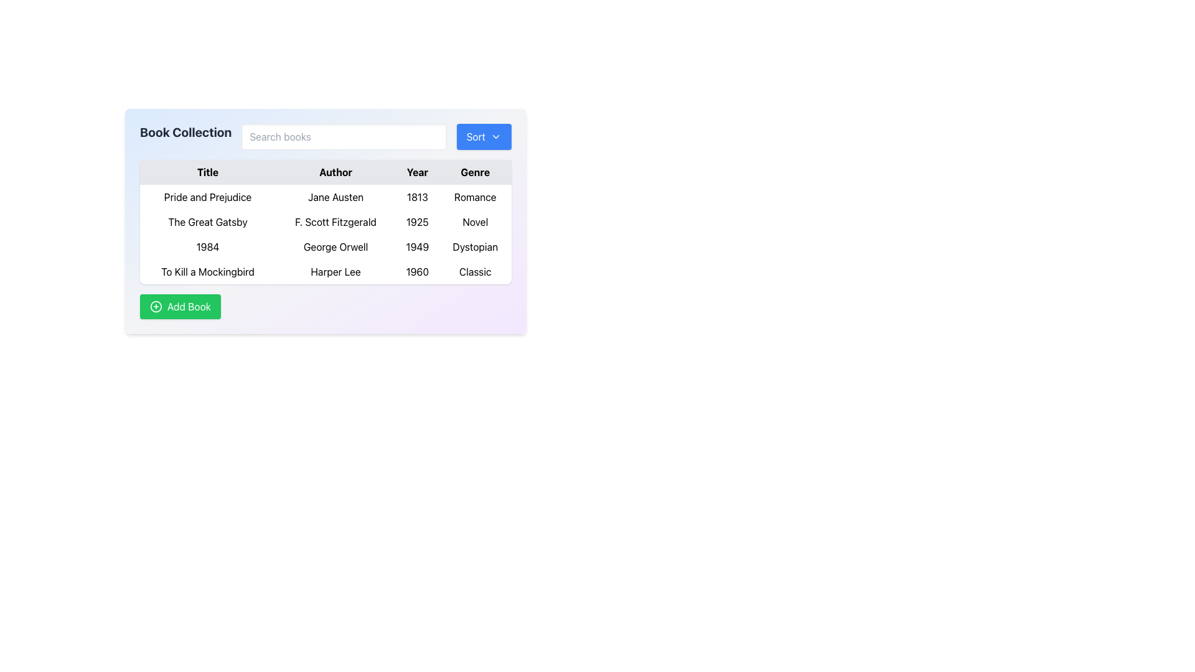 This screenshot has height=672, width=1195. Describe the element at coordinates (417, 196) in the screenshot. I see `the text display showing the year '1813' in the 'Year' column of the table for the book 'Pride and Prejudice'` at that location.